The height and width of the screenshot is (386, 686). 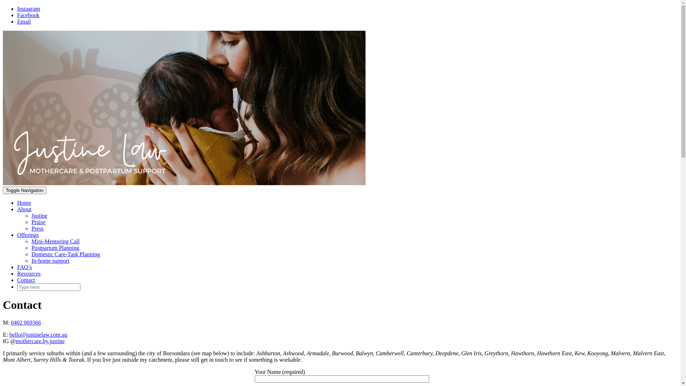 What do you see at coordinates (17, 273) in the screenshot?
I see `'Resources'` at bounding box center [17, 273].